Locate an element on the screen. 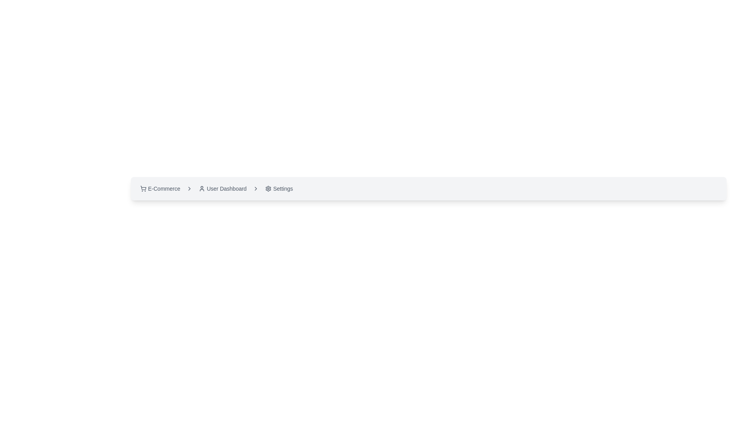  the chevron-like icon in the breadcrumb navigation bar, positioned between the 'E-Commerce' and 'User Dashboard' labels is located at coordinates (189, 188).